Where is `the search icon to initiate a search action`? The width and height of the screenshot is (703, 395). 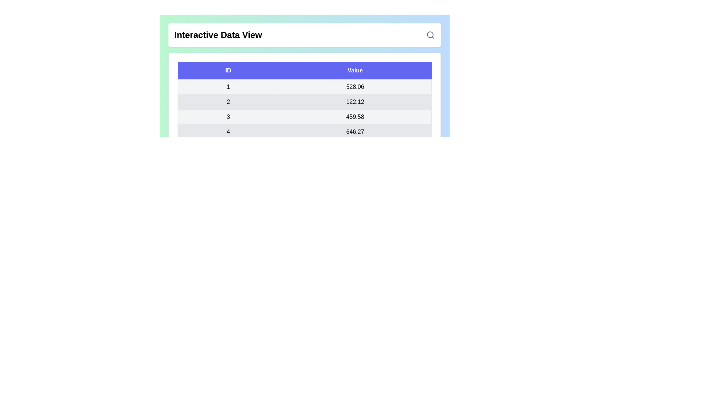
the search icon to initiate a search action is located at coordinates (431, 35).